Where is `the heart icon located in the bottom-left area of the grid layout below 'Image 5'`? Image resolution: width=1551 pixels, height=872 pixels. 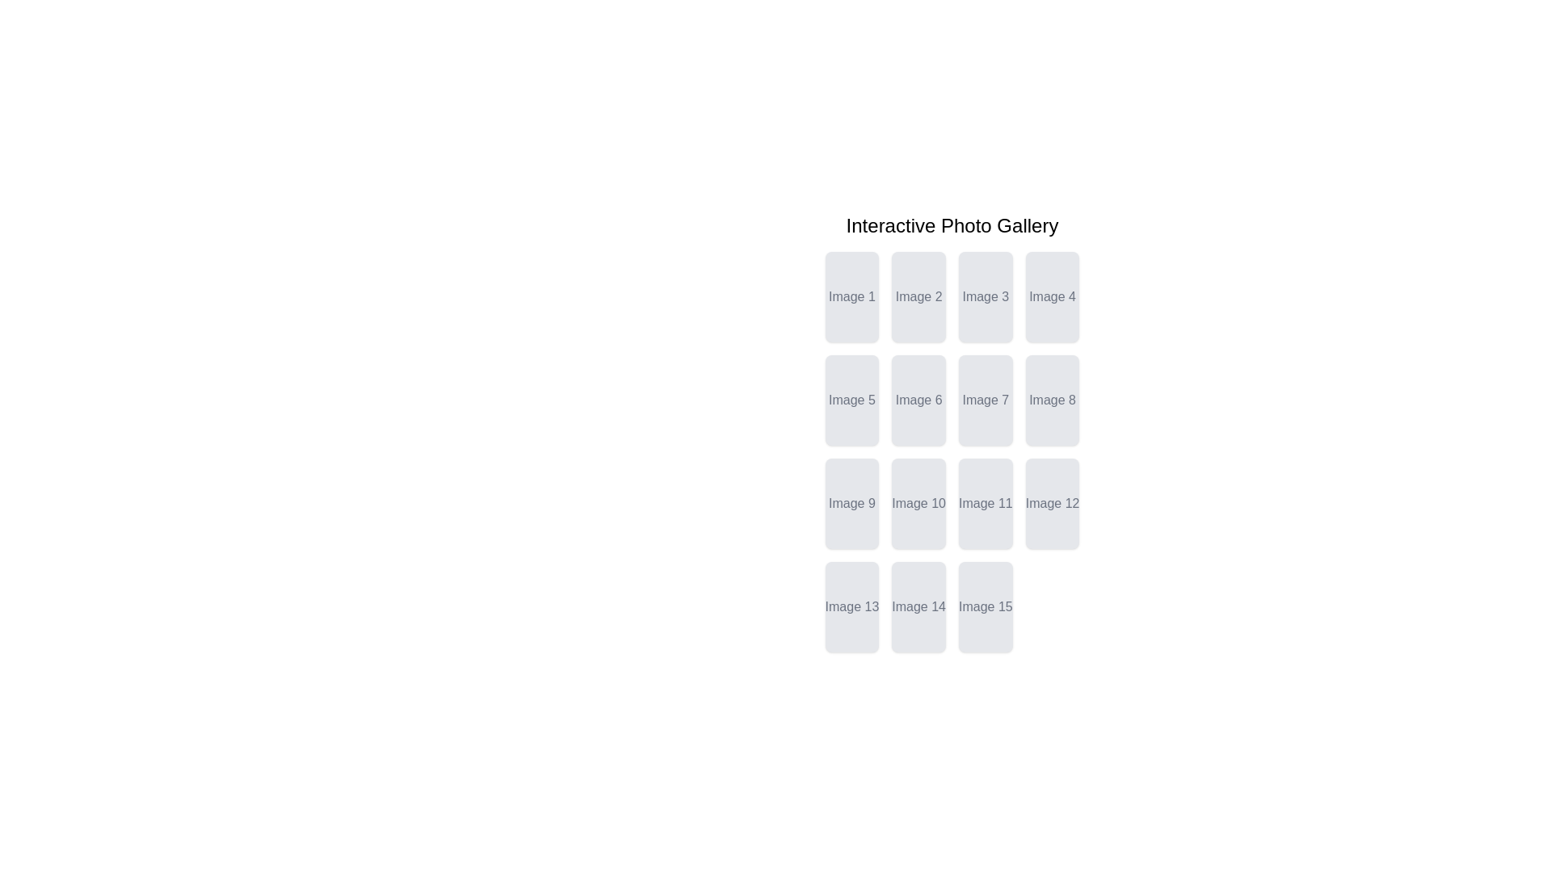
the heart icon located in the bottom-left area of the grid layout below 'Image 5' is located at coordinates (847, 403).